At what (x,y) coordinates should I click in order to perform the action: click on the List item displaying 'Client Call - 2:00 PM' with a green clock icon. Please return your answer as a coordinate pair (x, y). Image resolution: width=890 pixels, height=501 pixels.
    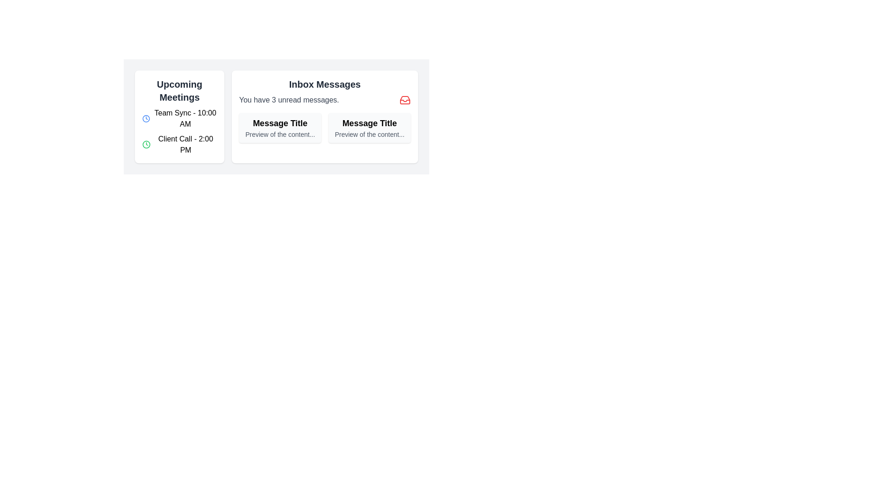
    Looking at the image, I should click on (179, 145).